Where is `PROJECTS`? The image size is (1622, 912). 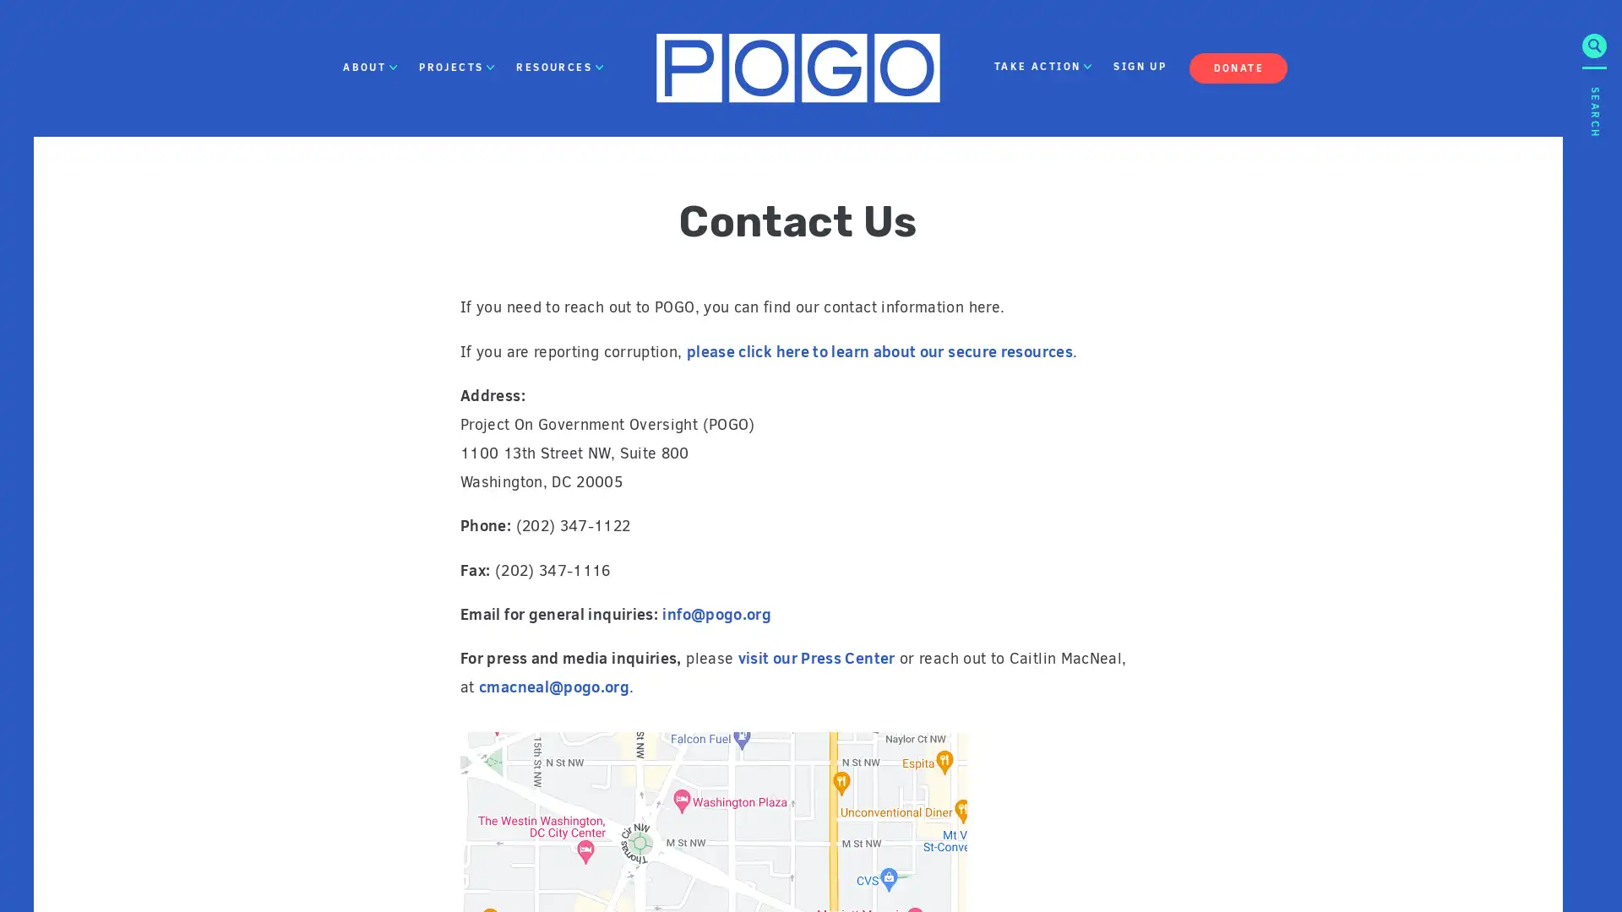
PROJECTS is located at coordinates (457, 67).